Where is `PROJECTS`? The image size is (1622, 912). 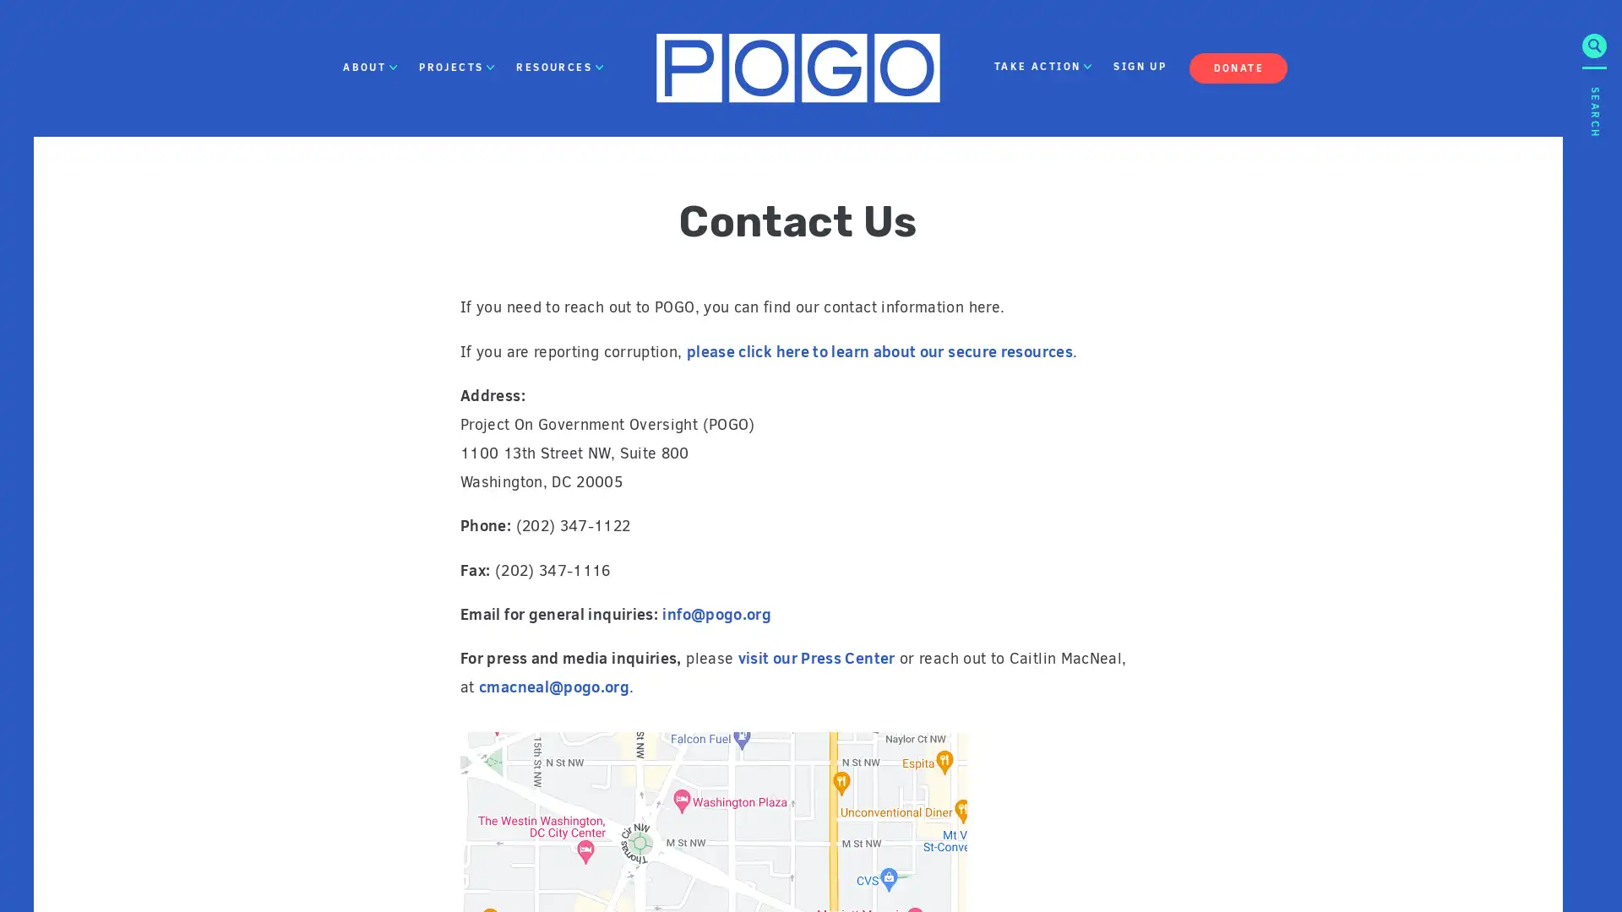
PROJECTS is located at coordinates (457, 67).